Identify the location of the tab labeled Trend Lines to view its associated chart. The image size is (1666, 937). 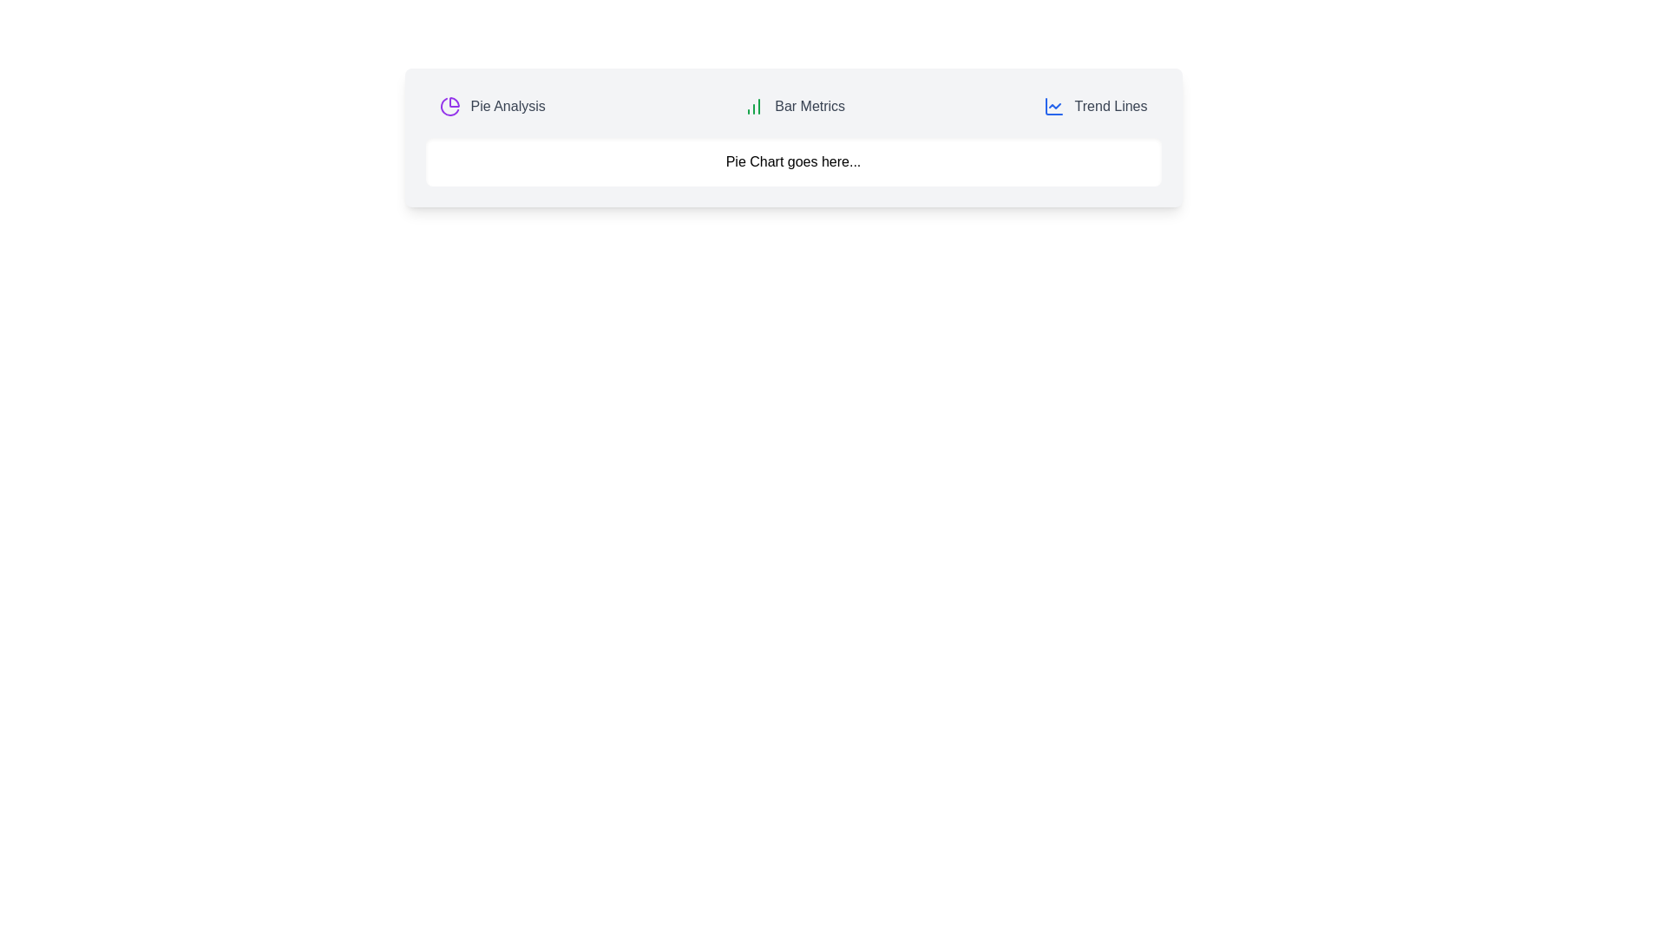
(1094, 107).